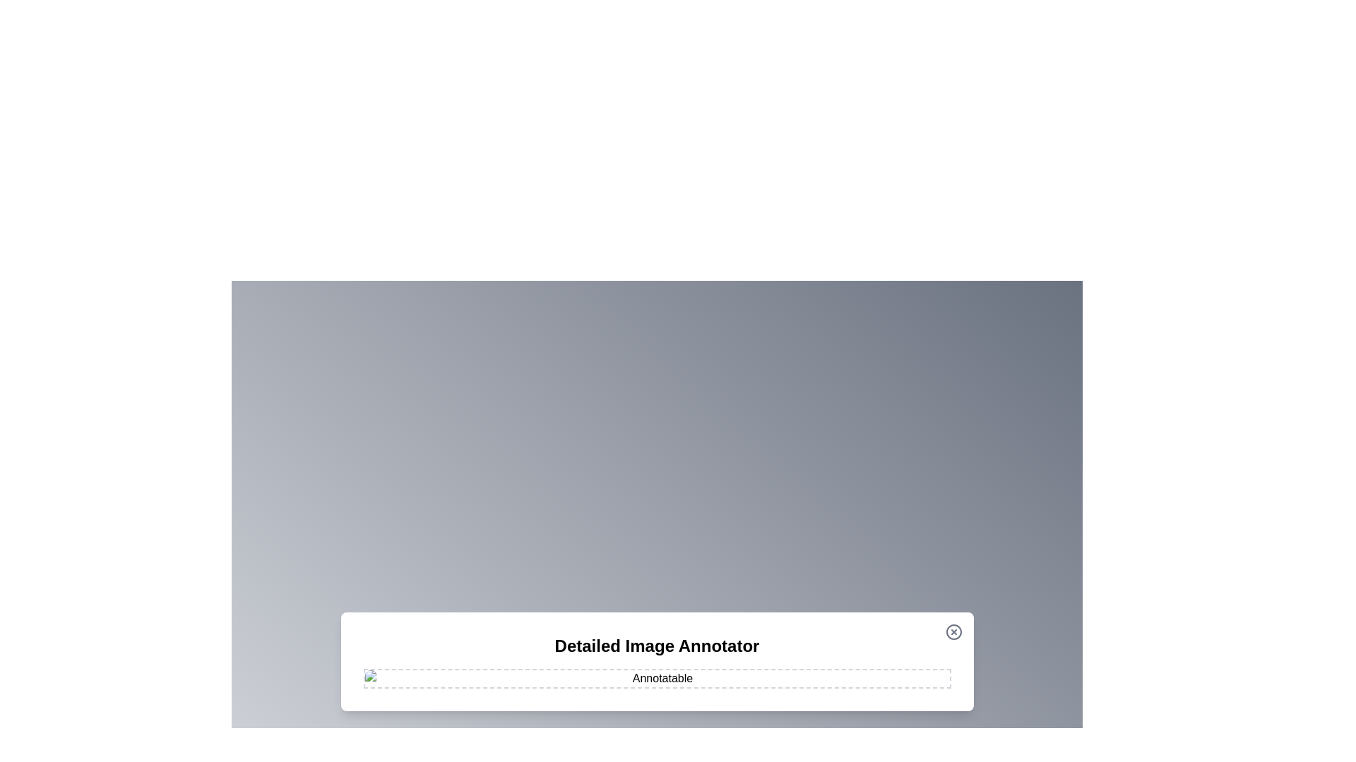  I want to click on the image at coordinates (1106, 954) to add an annotation, so click(780, 672).